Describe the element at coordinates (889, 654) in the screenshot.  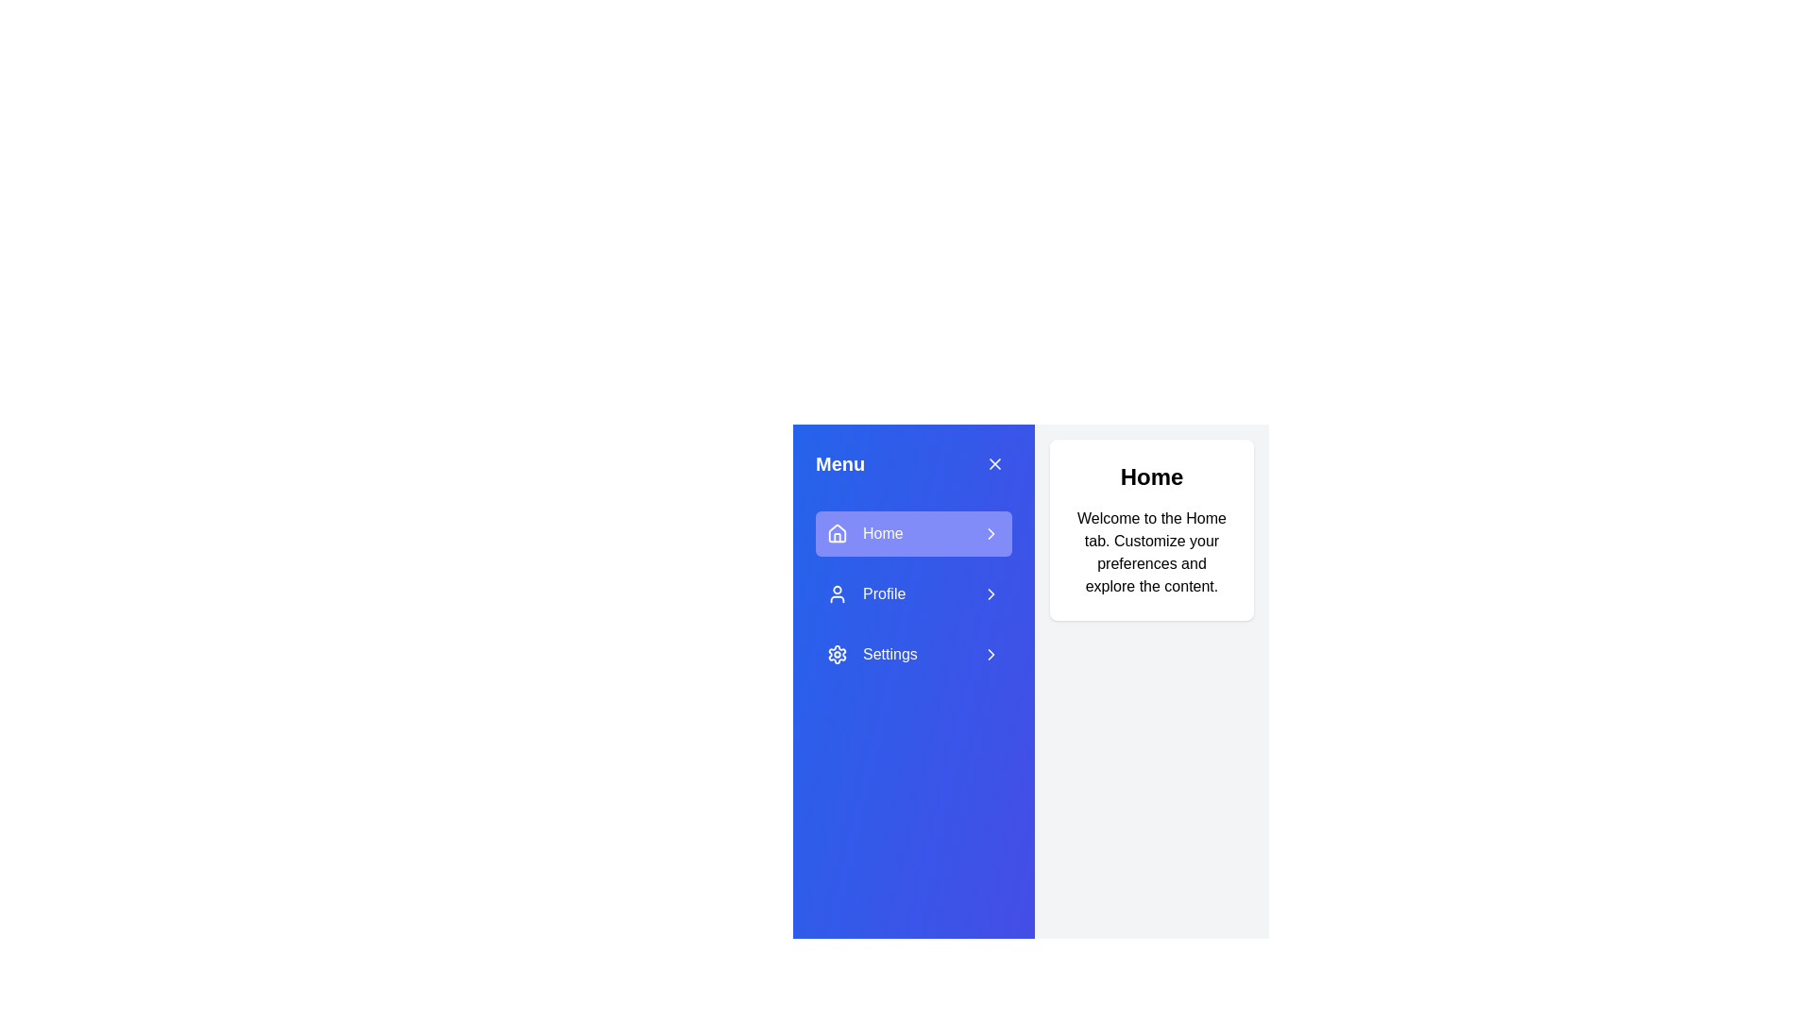
I see `the text label in the vertical navigation panel on the left side of the interface` at that location.